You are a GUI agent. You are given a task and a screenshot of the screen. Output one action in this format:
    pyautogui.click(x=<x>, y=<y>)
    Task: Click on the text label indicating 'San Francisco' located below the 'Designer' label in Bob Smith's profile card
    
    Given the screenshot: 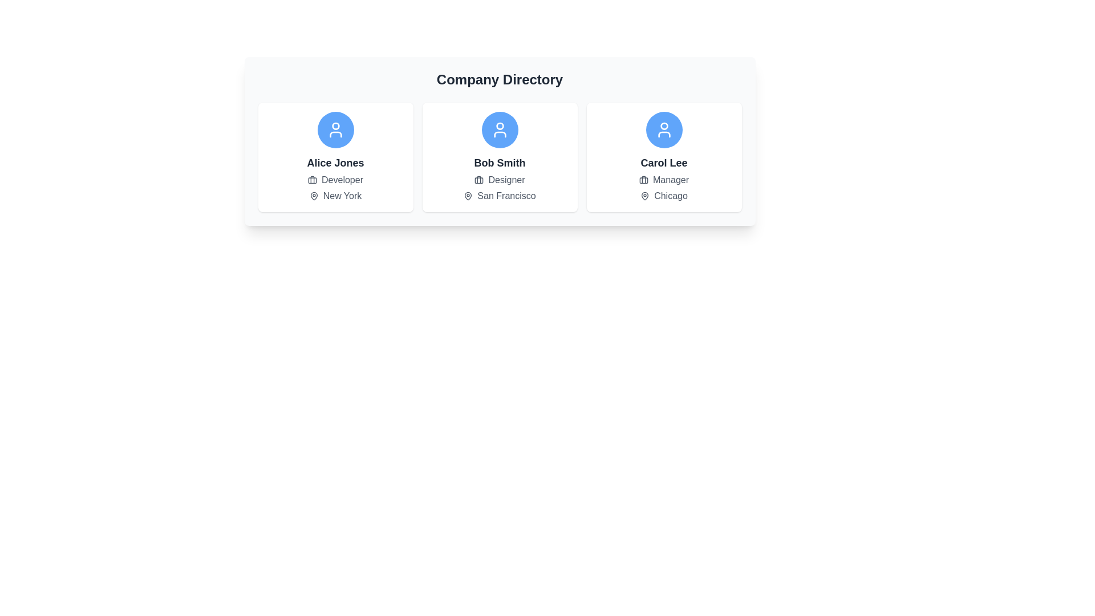 What is the action you would take?
    pyautogui.click(x=500, y=195)
    